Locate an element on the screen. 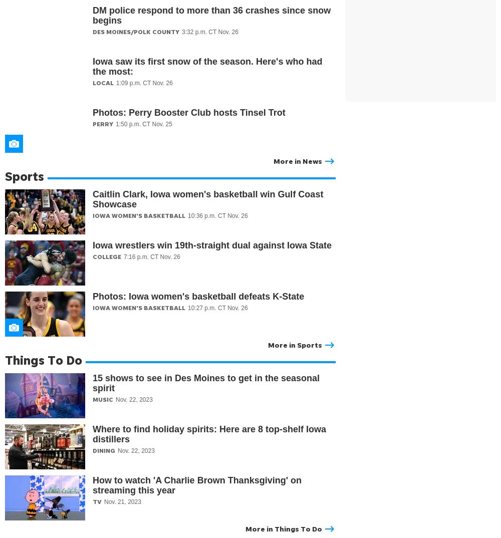  'Caitlin Clark, Iowa women's basketball win Gulf Coast Showcase' is located at coordinates (208, 199).